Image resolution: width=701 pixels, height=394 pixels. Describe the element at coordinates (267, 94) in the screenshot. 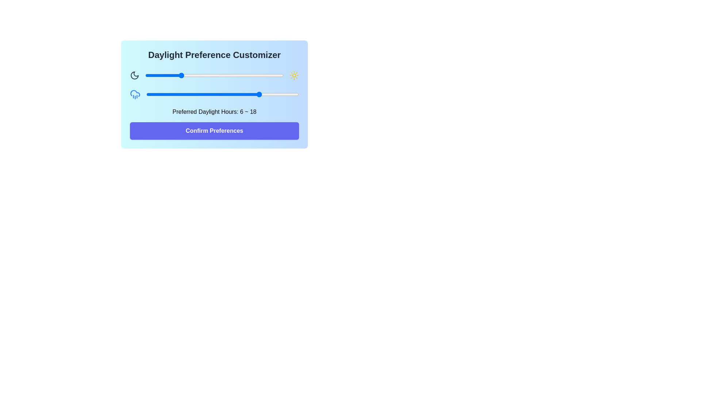

I see `the preferred daylight hours` at that location.